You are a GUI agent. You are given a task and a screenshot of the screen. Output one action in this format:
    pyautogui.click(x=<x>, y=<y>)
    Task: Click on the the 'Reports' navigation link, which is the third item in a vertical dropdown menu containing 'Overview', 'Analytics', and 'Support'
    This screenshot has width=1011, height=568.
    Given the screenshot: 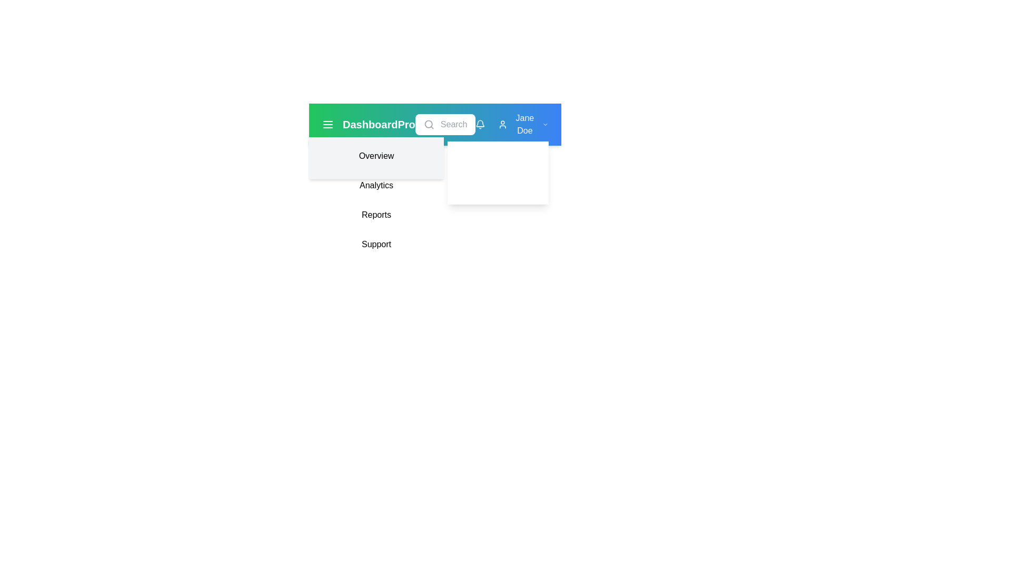 What is the action you would take?
    pyautogui.click(x=376, y=214)
    